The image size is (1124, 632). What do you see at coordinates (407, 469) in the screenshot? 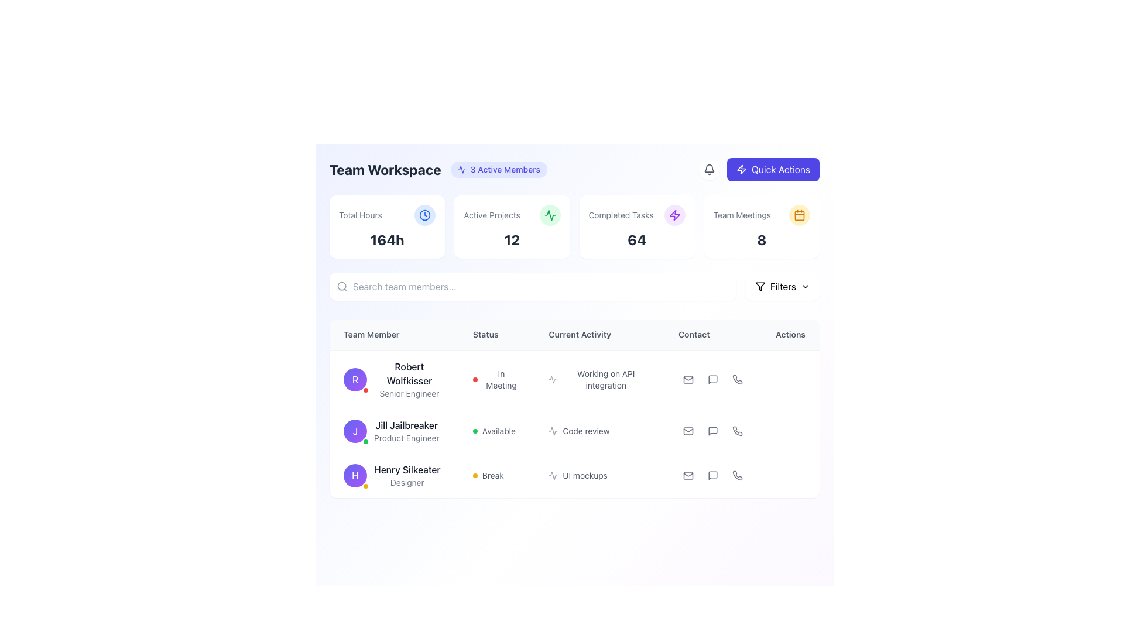
I see `the text label displaying 'Henry Silkeater' in the 'Team Member' column of the team workspace interface` at bounding box center [407, 469].